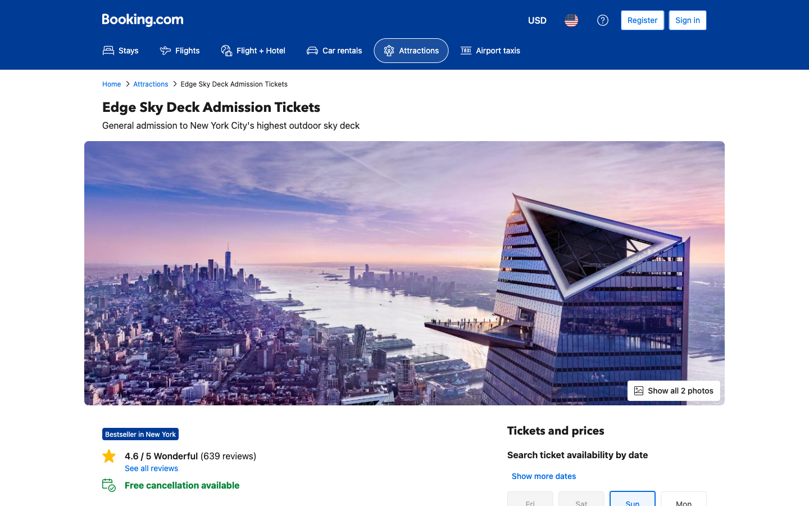 The width and height of the screenshot is (809, 506). Describe the element at coordinates (543, 476) in the screenshot. I see `check more dates for when tickets are available` at that location.